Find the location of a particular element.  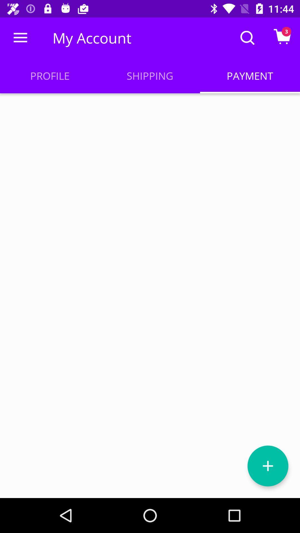

item above profile is located at coordinates (20, 37).